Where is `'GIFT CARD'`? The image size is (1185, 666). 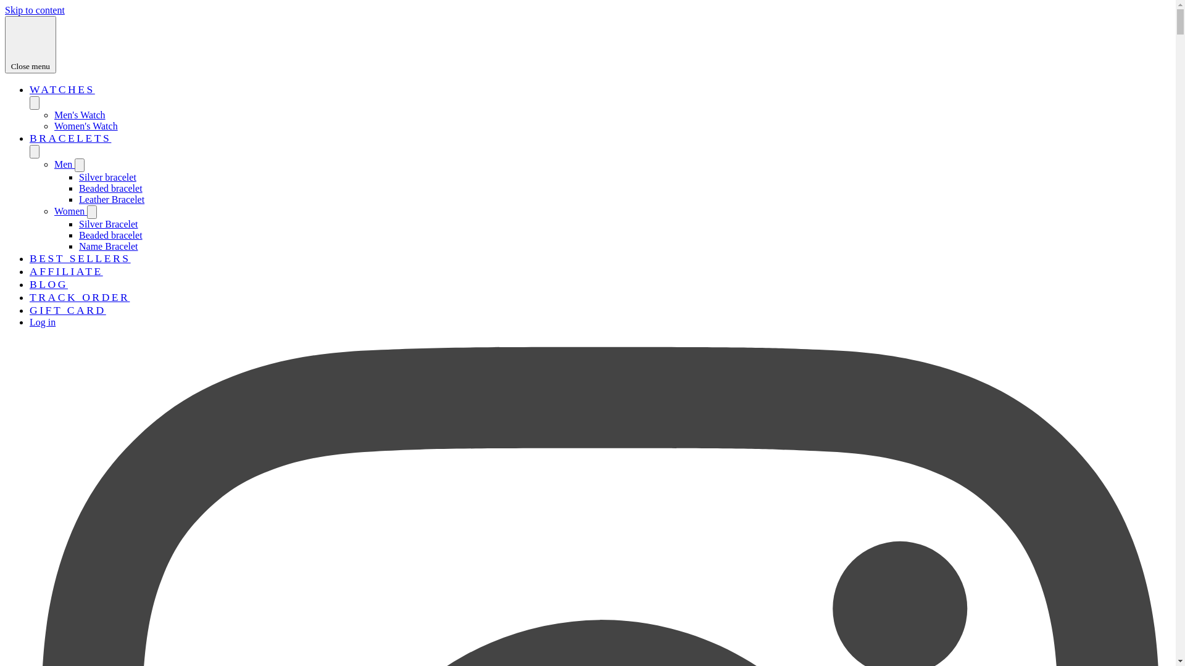 'GIFT CARD' is located at coordinates (67, 309).